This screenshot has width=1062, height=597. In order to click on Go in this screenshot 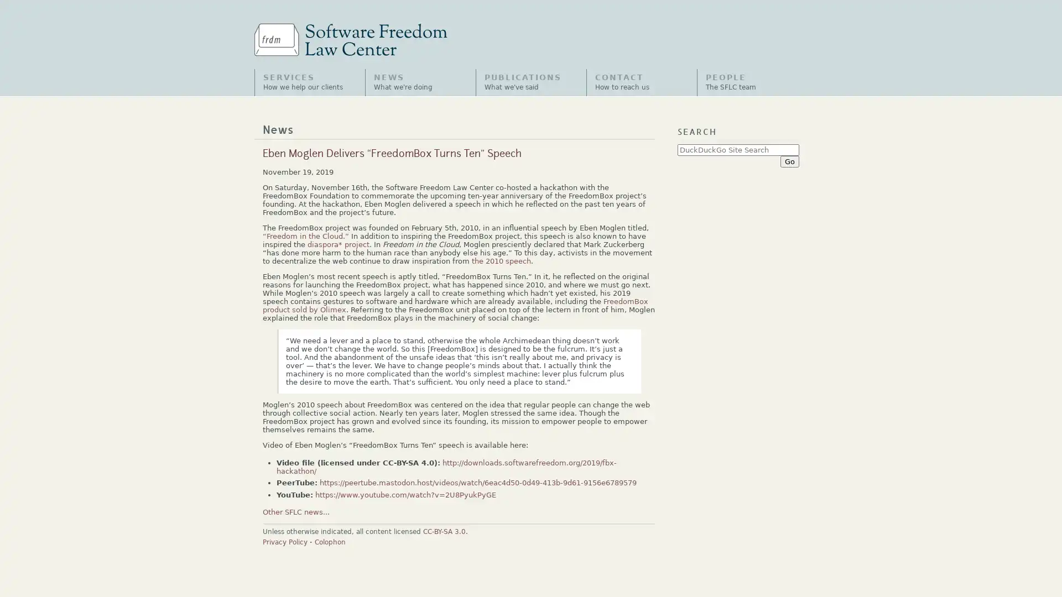, I will do `click(789, 161)`.